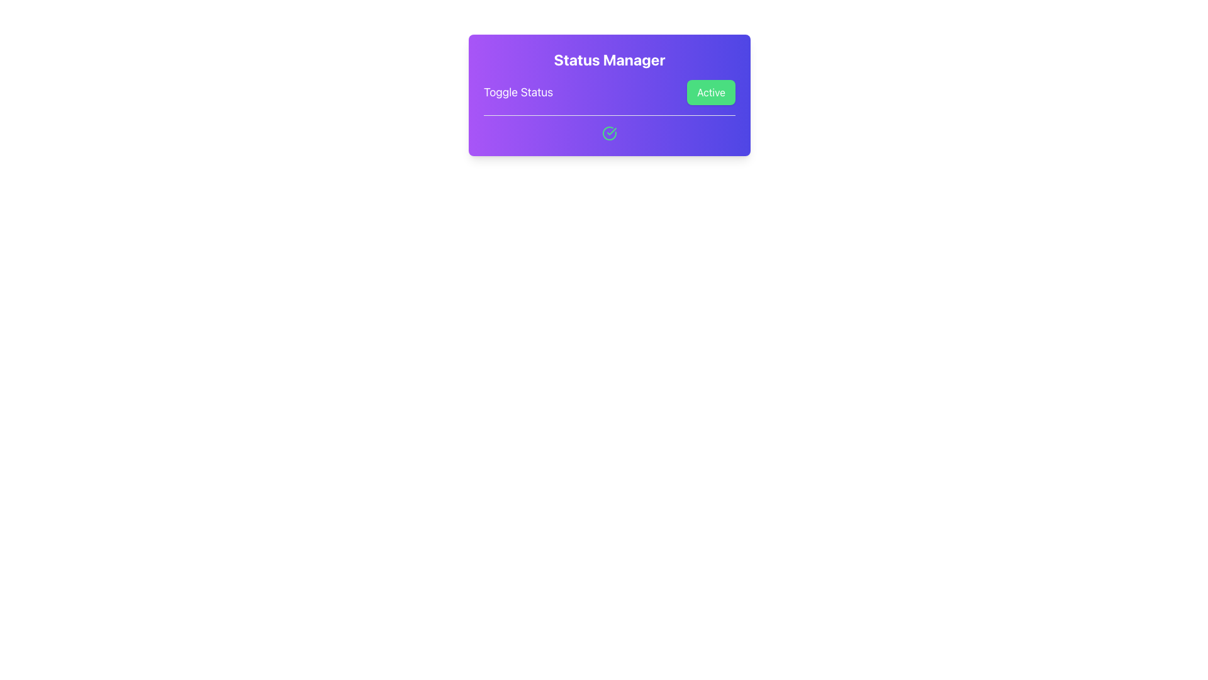 This screenshot has width=1208, height=680. Describe the element at coordinates (518, 91) in the screenshot. I see `the 'Toggle Status' text label displayed in white on a purple background, positioned to the left of the 'Active' button in the 'Status Manager' section` at that location.